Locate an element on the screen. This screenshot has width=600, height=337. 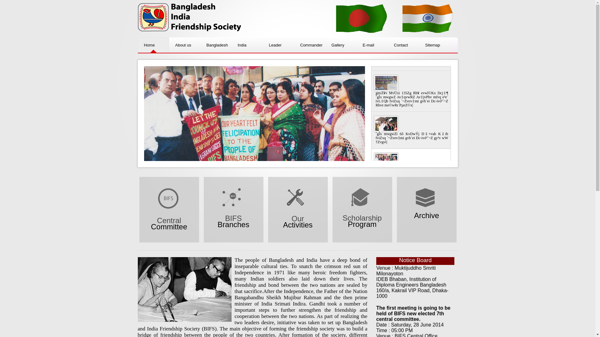
'Our is located at coordinates (297, 215).